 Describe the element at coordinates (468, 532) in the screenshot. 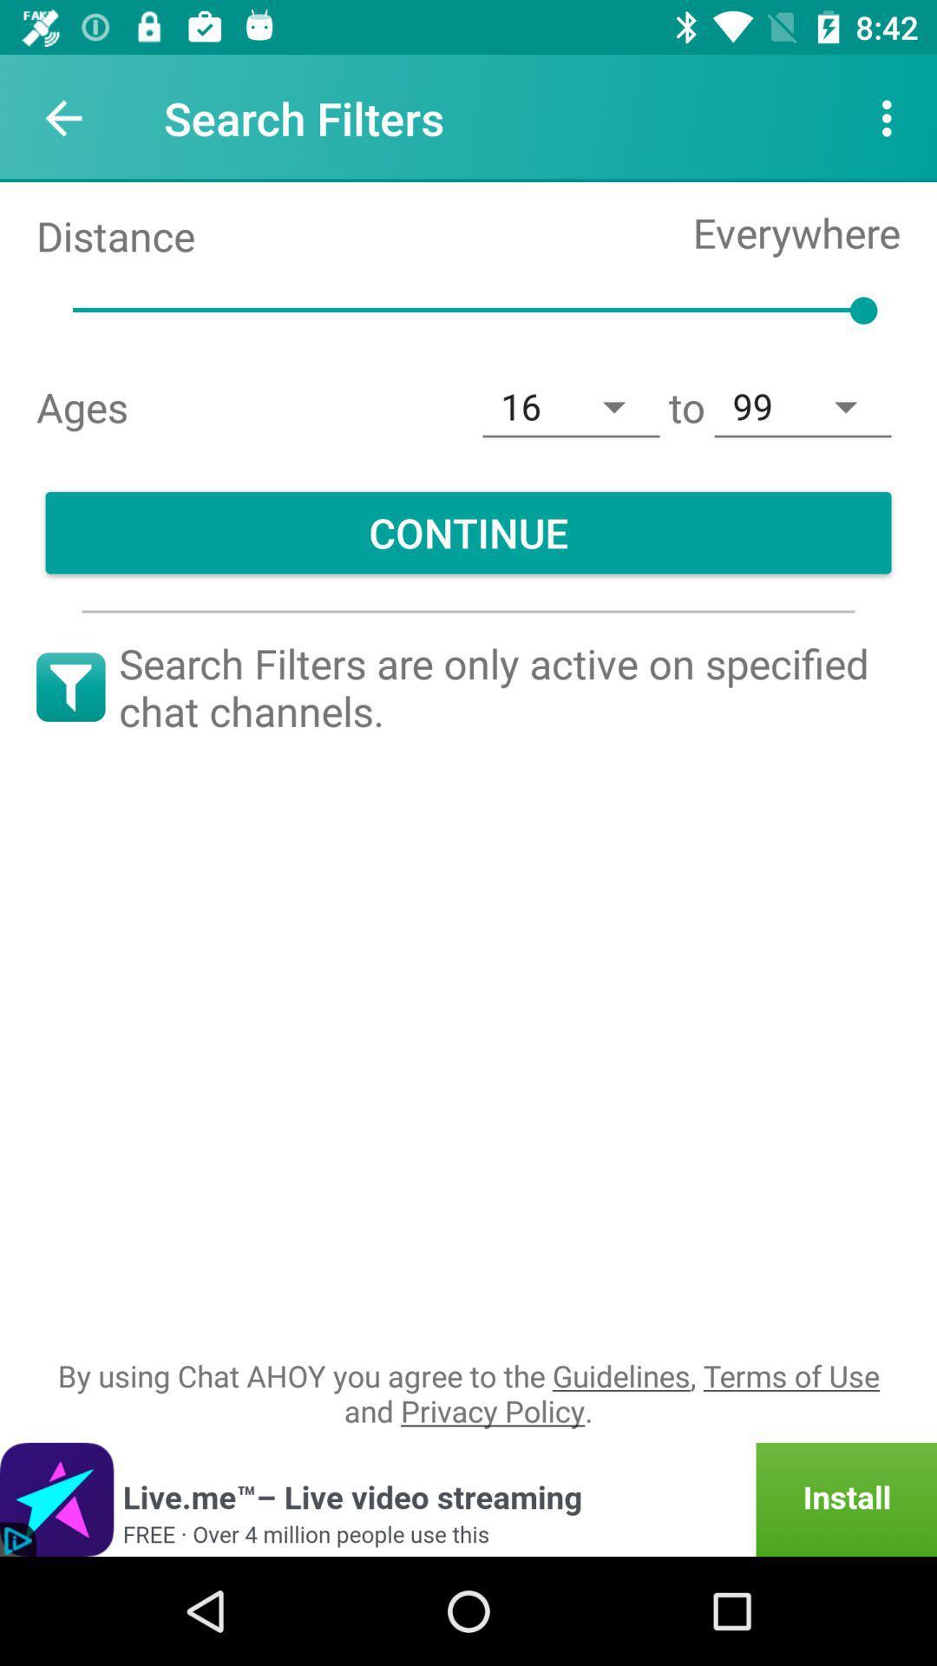

I see `icon below ages icon` at that location.